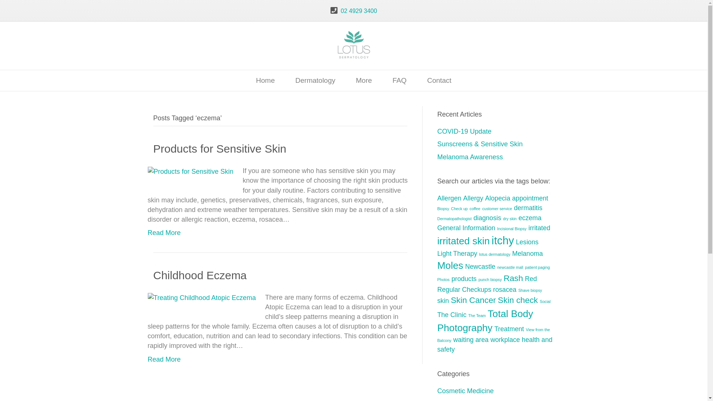  Describe the element at coordinates (495, 345) in the screenshot. I see `'workplace health and safety'` at that location.